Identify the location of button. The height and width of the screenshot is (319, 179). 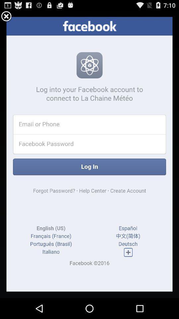
(6, 16).